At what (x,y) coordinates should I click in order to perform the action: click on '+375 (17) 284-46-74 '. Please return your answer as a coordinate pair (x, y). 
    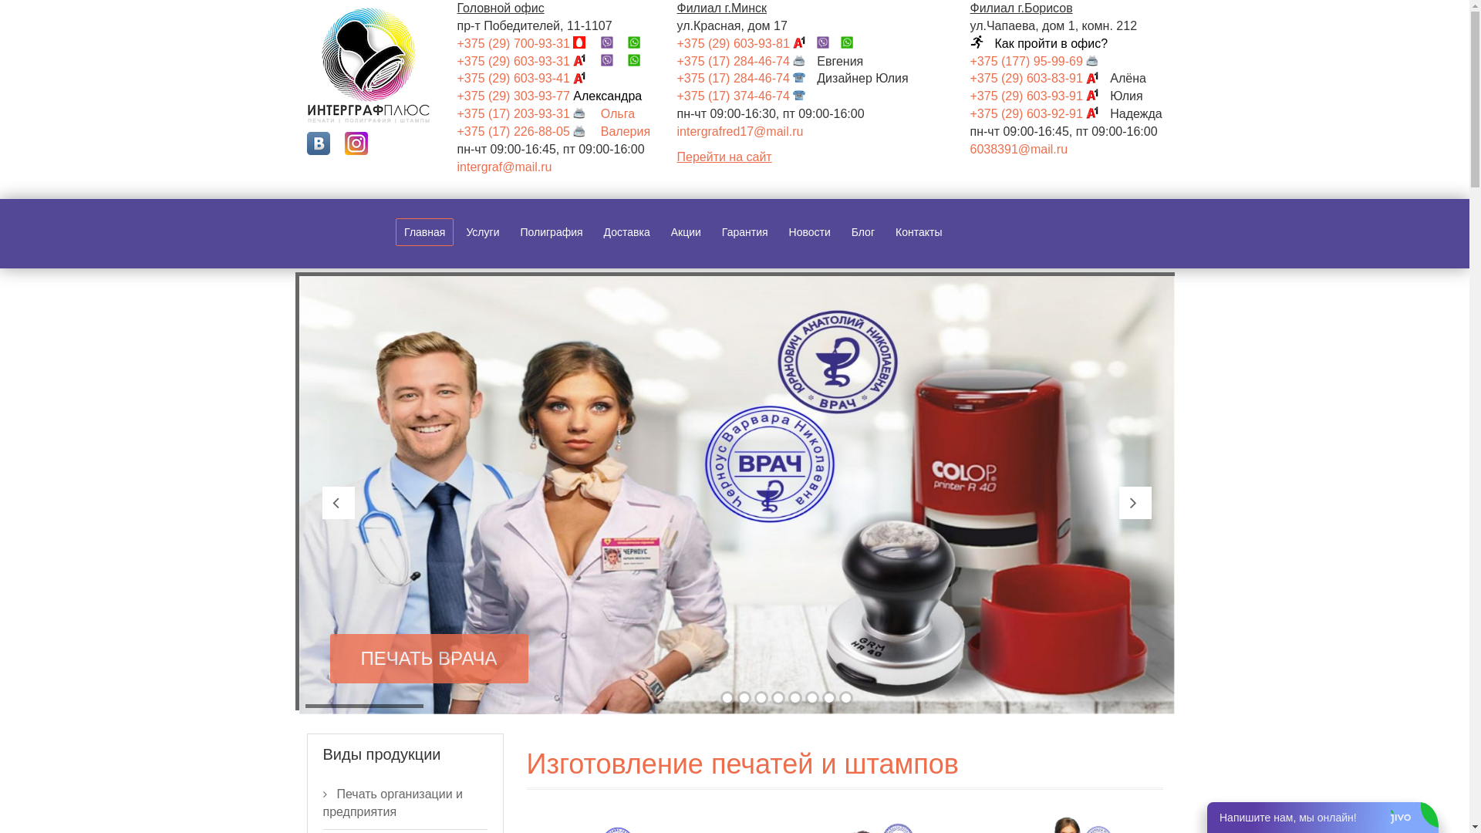
    Looking at the image, I should click on (677, 78).